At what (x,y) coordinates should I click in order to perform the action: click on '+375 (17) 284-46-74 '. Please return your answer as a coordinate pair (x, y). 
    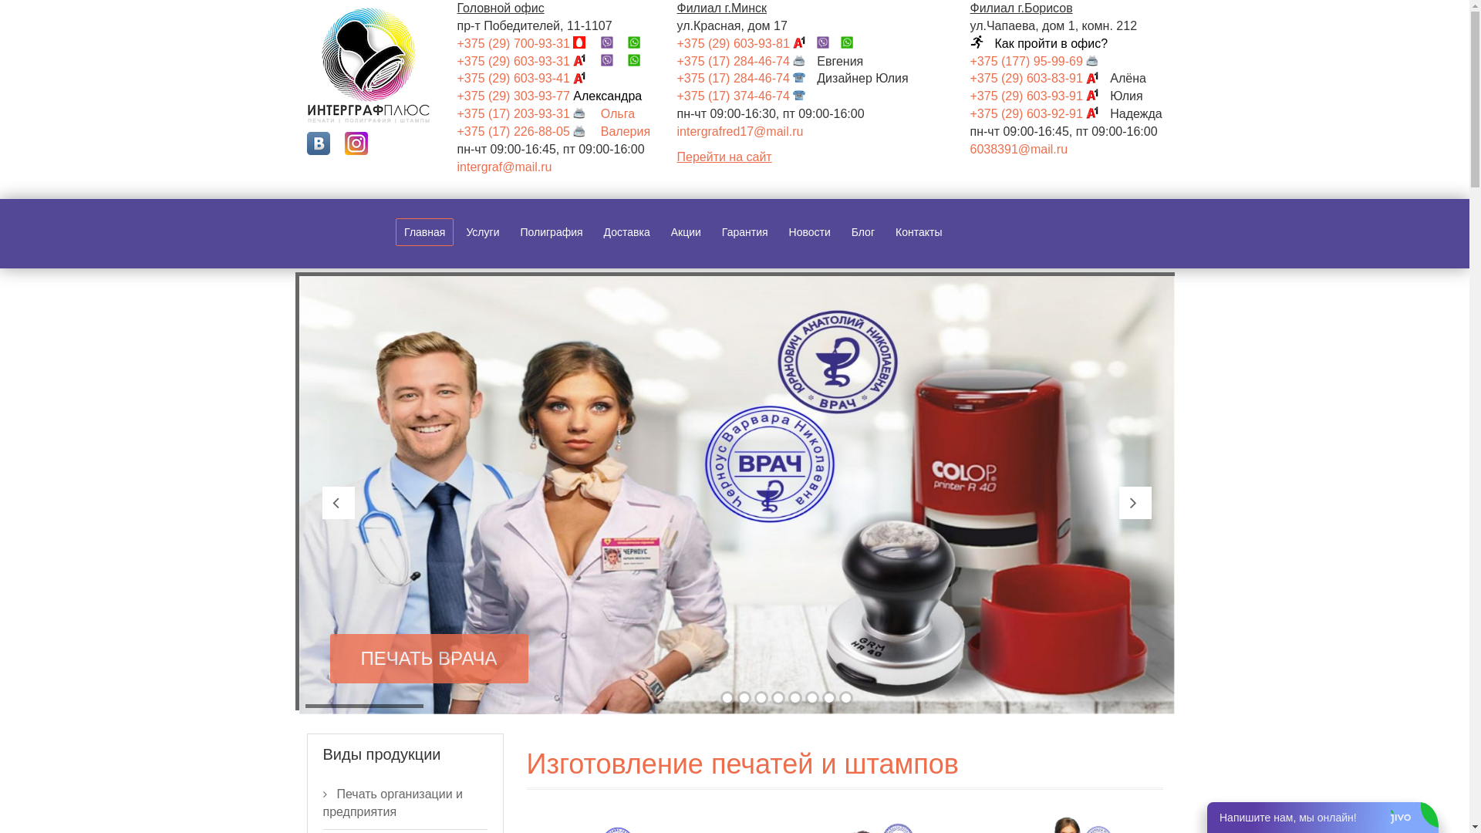
    Looking at the image, I should click on (677, 78).